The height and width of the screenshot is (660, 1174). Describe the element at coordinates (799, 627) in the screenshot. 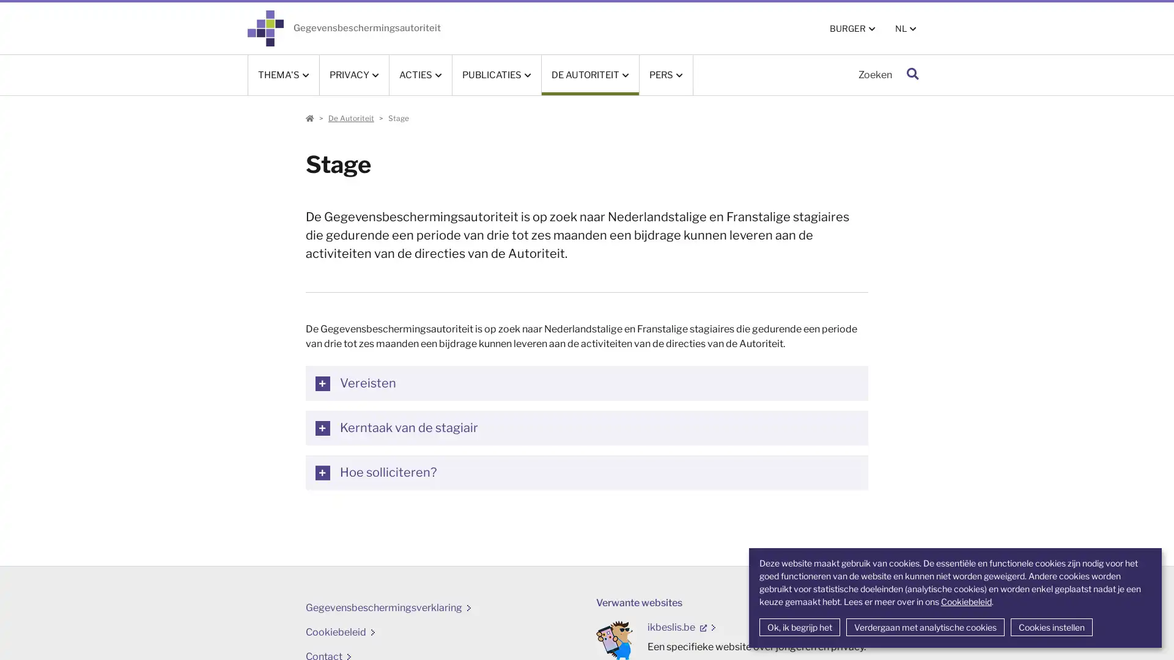

I see `Ok, ik begrijp het` at that location.